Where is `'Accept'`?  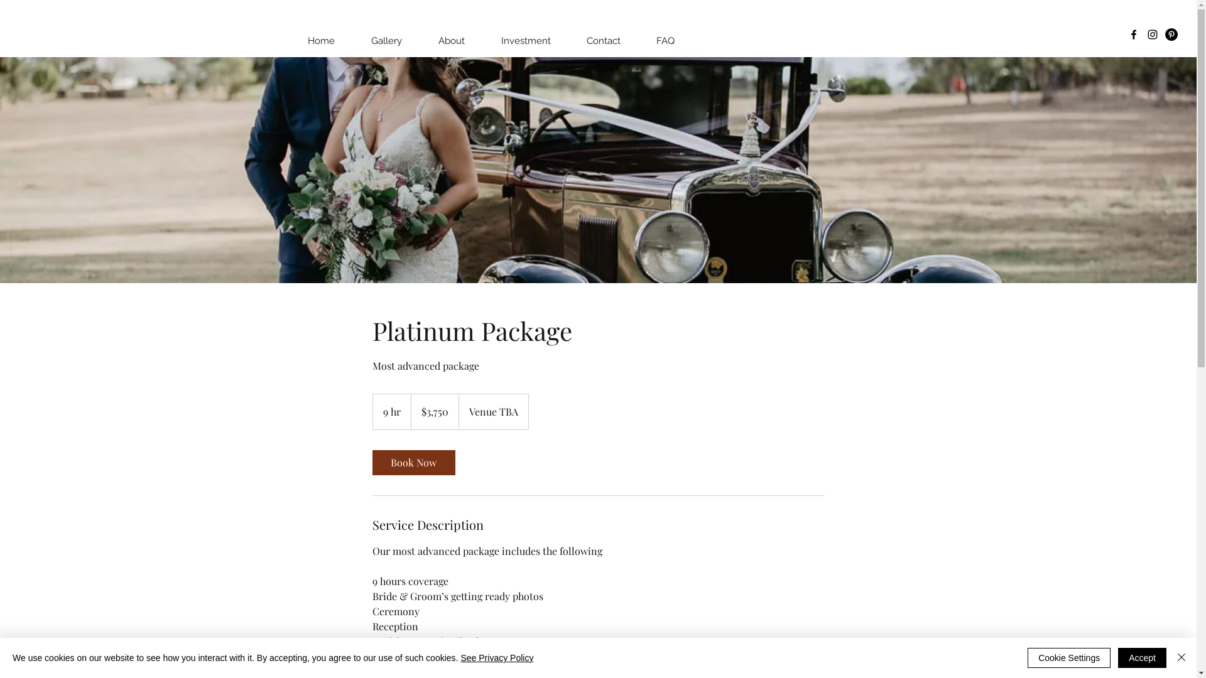 'Accept' is located at coordinates (1142, 657).